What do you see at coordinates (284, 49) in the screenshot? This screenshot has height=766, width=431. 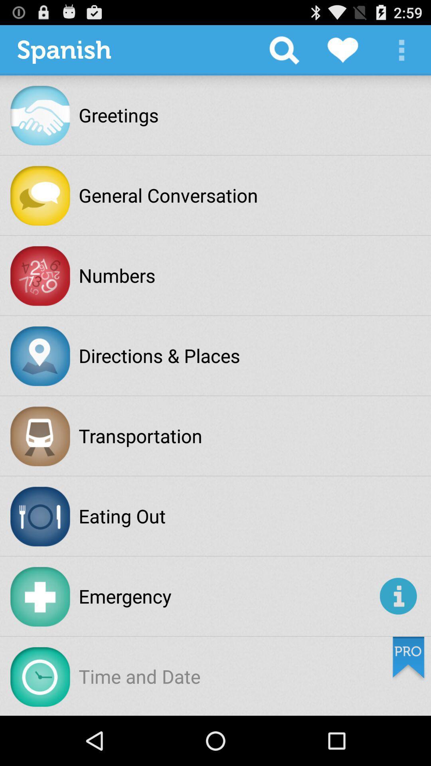 I see `the app to the right of the spanish item` at bounding box center [284, 49].